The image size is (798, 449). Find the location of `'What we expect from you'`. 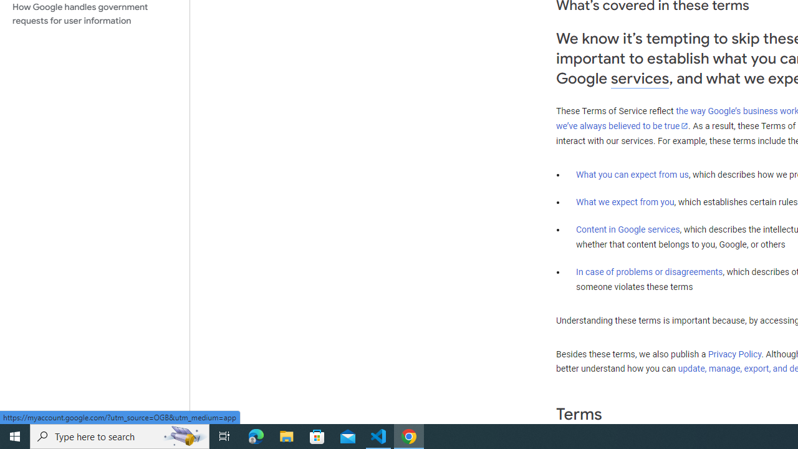

'What we expect from you' is located at coordinates (625, 201).